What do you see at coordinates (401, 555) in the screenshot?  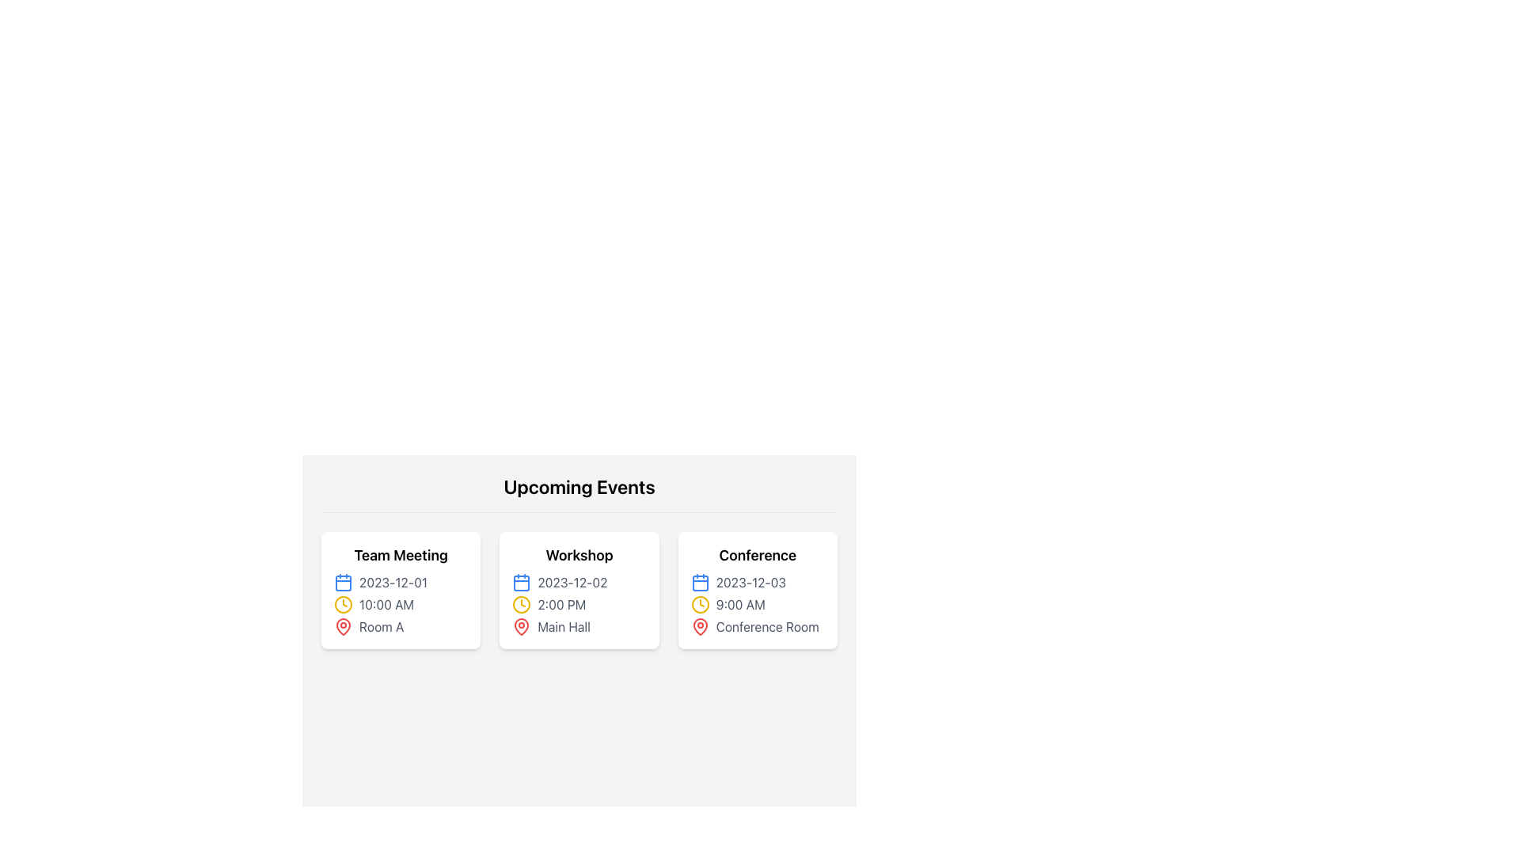 I see `the 'Team Meeting' text label, which is styled in bold and large font, positioned at the top of the card component` at bounding box center [401, 555].